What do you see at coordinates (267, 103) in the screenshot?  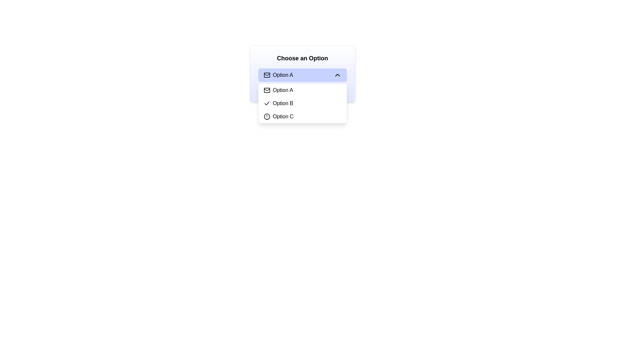 I see `the checkmark icon located to the left of the text 'Option B' in the dropdown menu, which indicates a selected state for this option` at bounding box center [267, 103].